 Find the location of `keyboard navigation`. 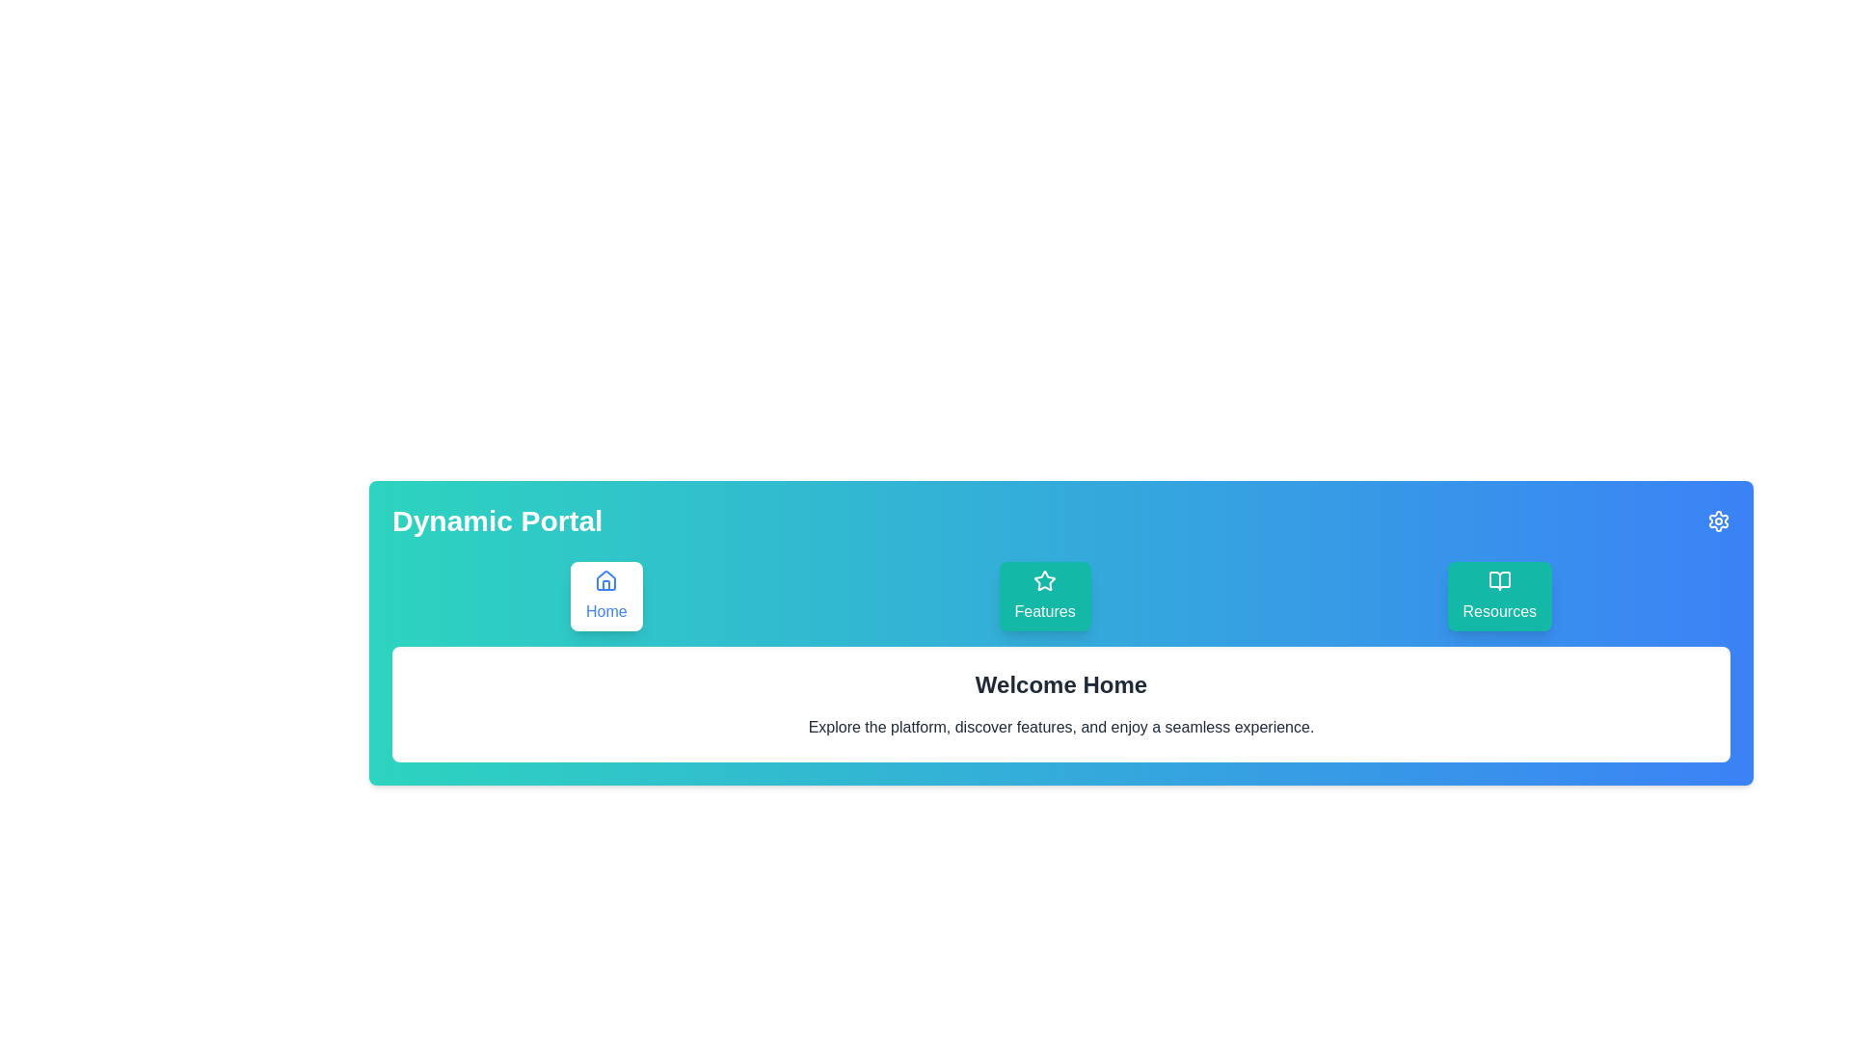

keyboard navigation is located at coordinates (1718, 520).